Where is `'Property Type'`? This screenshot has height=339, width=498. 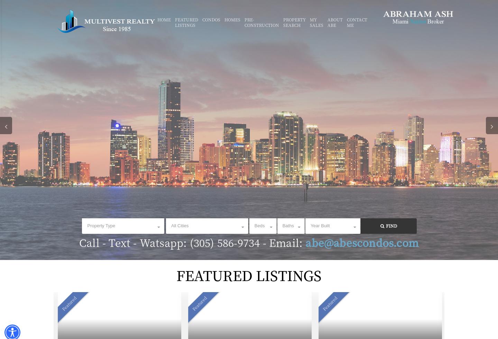 'Property Type' is located at coordinates (101, 226).